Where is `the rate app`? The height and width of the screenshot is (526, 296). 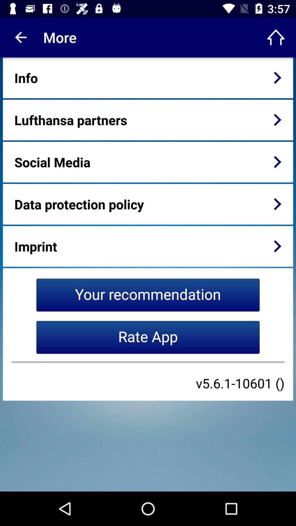 the rate app is located at coordinates (148, 337).